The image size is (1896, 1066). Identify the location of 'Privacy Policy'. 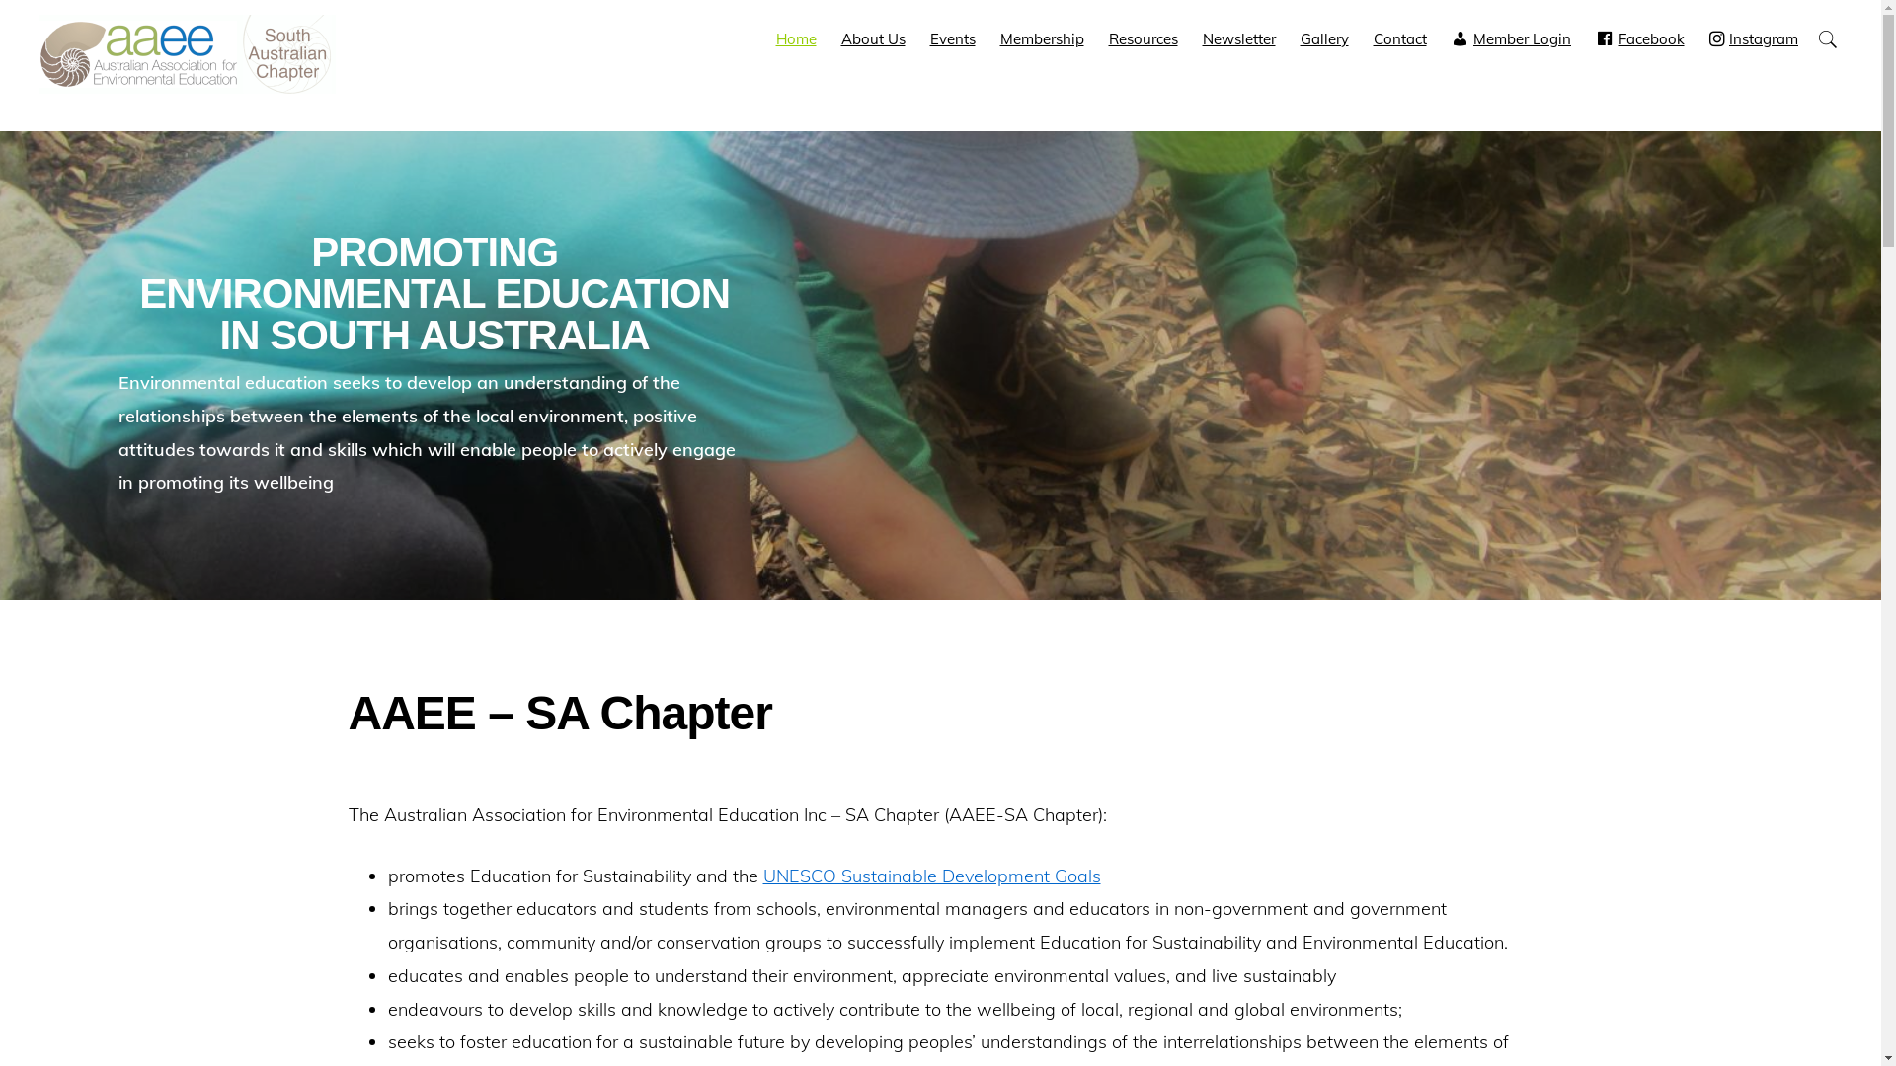
(940, 1009).